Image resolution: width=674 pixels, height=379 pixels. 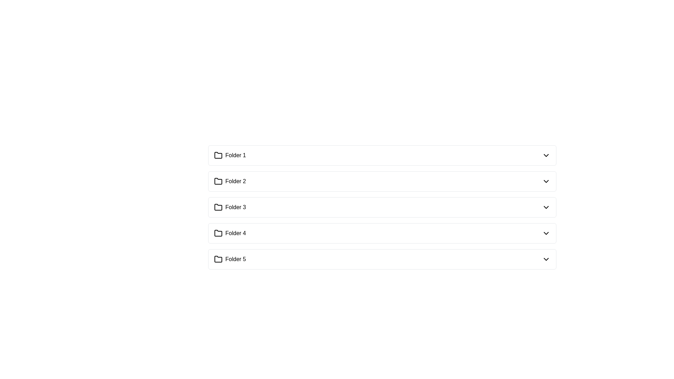 I want to click on the Dropdown indicator at the right end of the row labeled 'Folder 1', so click(x=546, y=155).